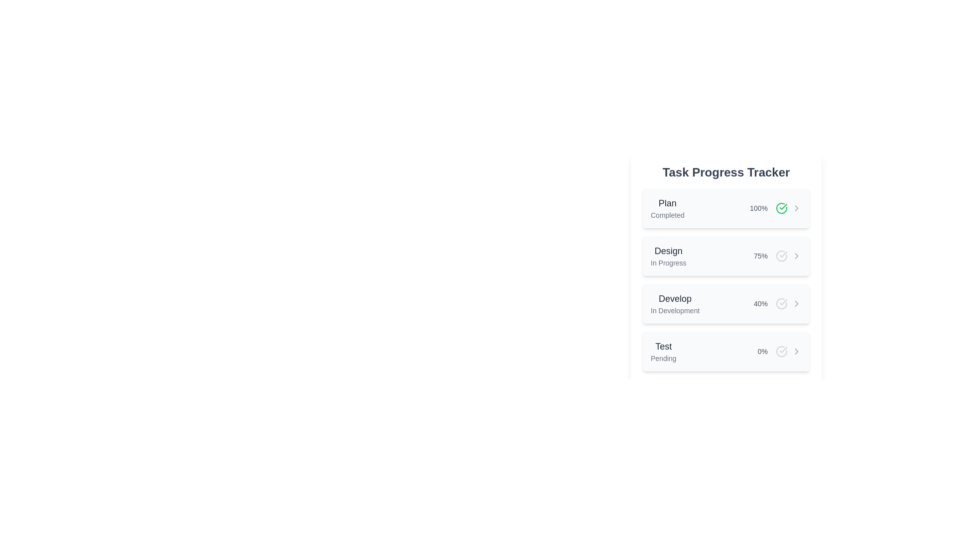  What do you see at coordinates (726, 268) in the screenshot?
I see `task title 'Design' and its progress status 'In Progress' from the highlighted subsection of the 'Task Progress Tracker' group` at bounding box center [726, 268].